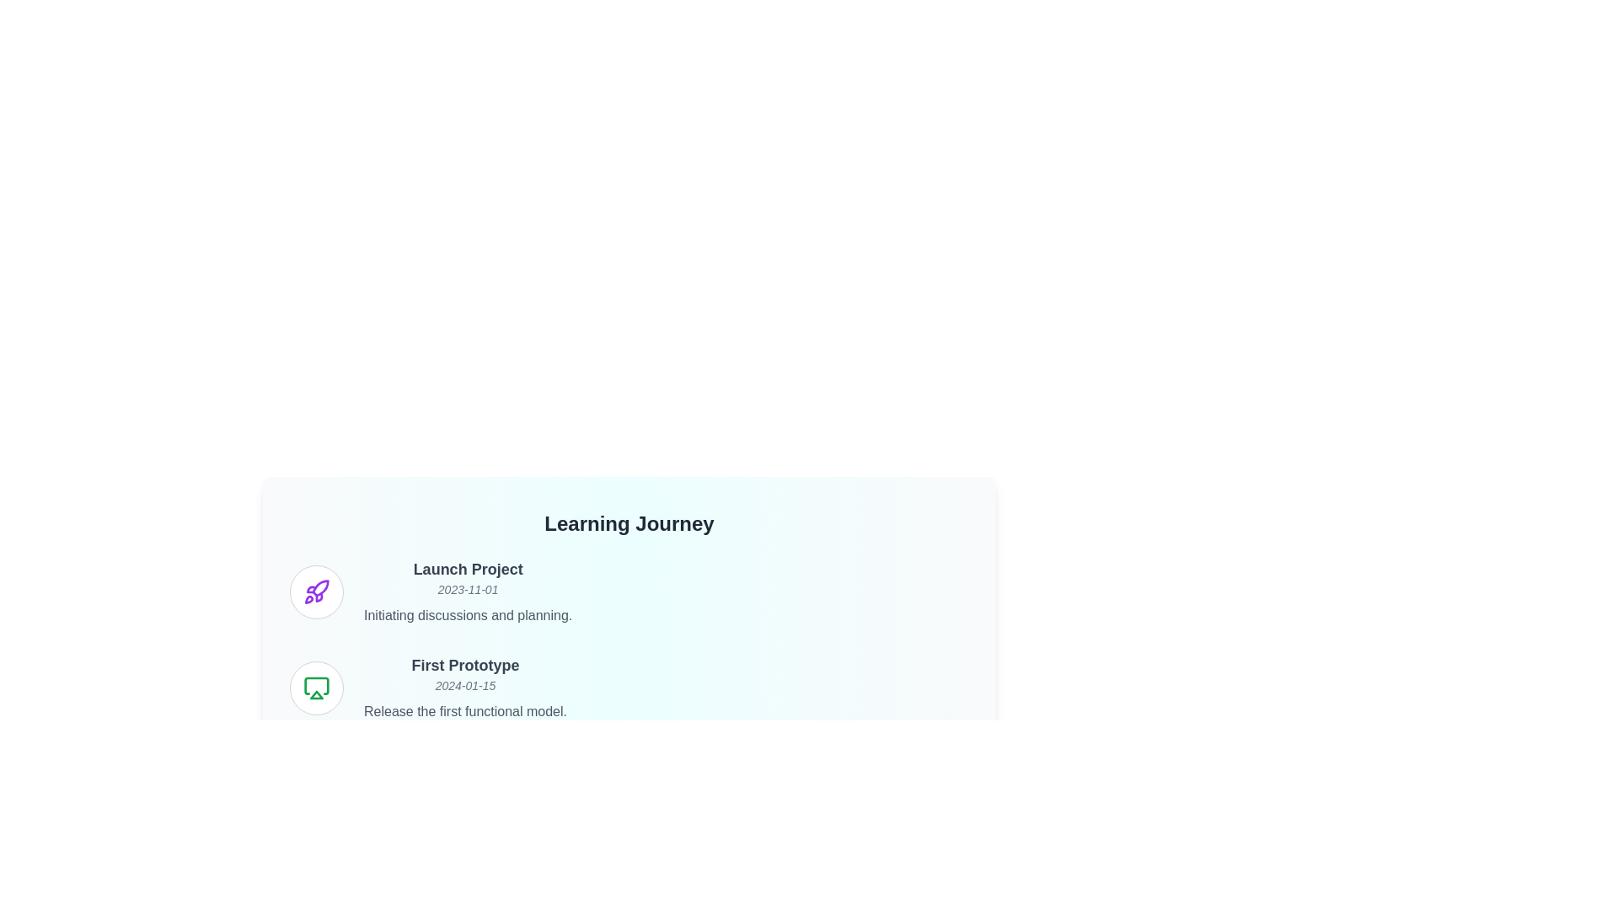  I want to click on the circular icon featuring a purple rocket symbol, which is outlined with a gray border and located to the left of the text 'Launch Project 2023-11-01 Initiating discussions and planning.', so click(316, 591).